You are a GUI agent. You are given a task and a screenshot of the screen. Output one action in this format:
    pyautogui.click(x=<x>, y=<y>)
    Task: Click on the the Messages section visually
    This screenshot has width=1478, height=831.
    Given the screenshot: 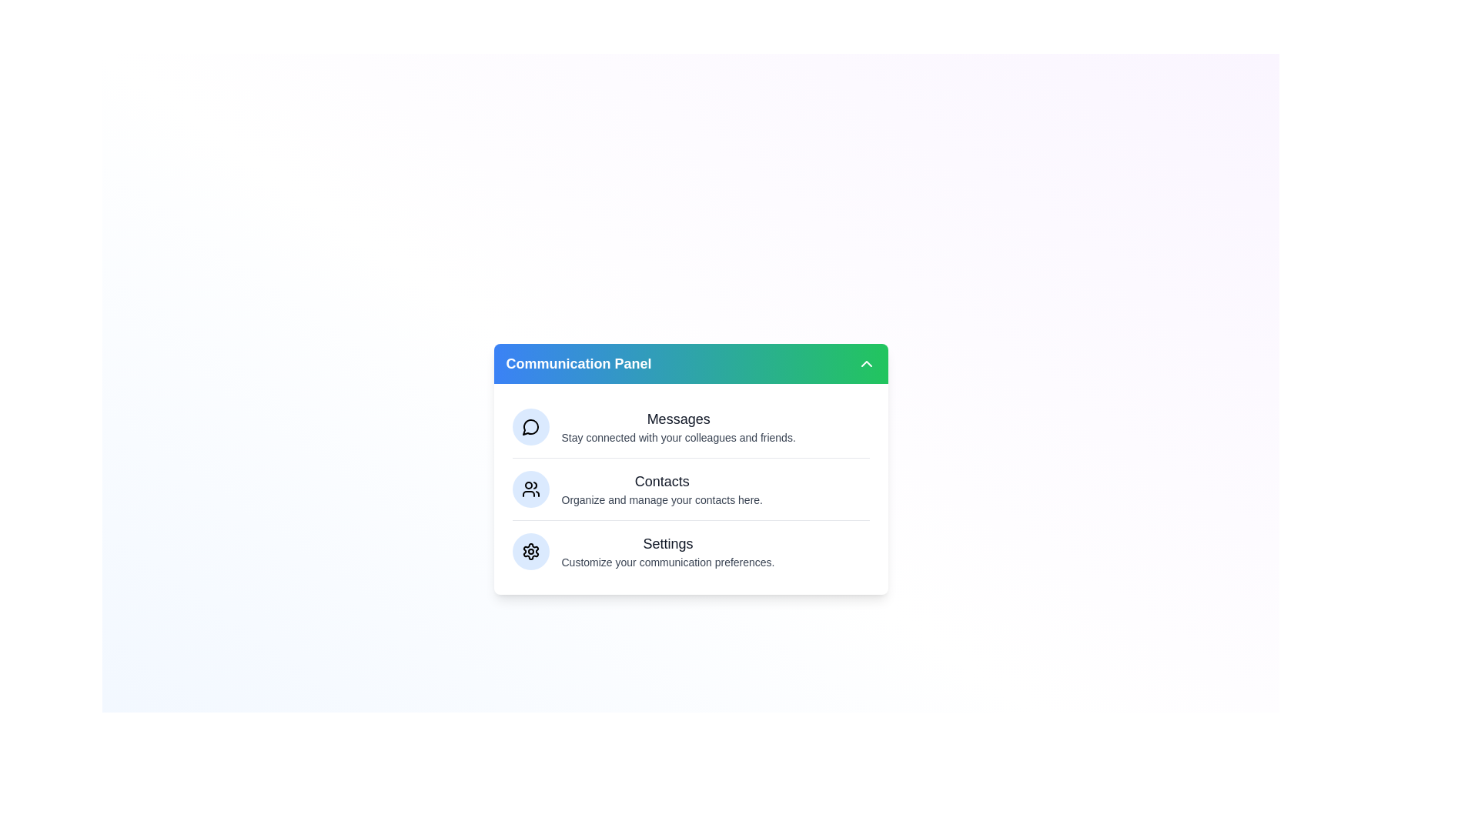 What is the action you would take?
    pyautogui.click(x=530, y=427)
    